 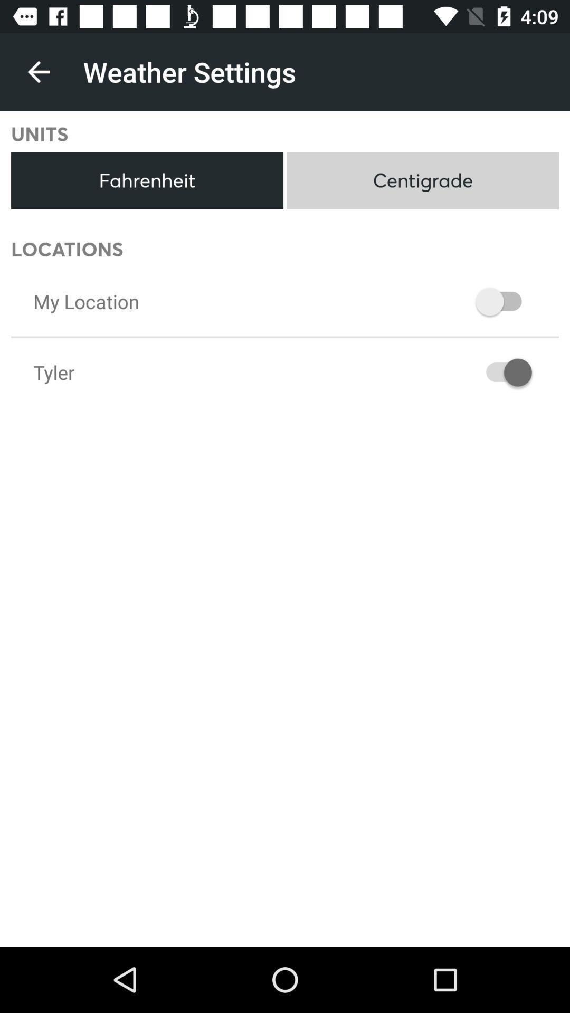 I want to click on tyler icon, so click(x=54, y=372).